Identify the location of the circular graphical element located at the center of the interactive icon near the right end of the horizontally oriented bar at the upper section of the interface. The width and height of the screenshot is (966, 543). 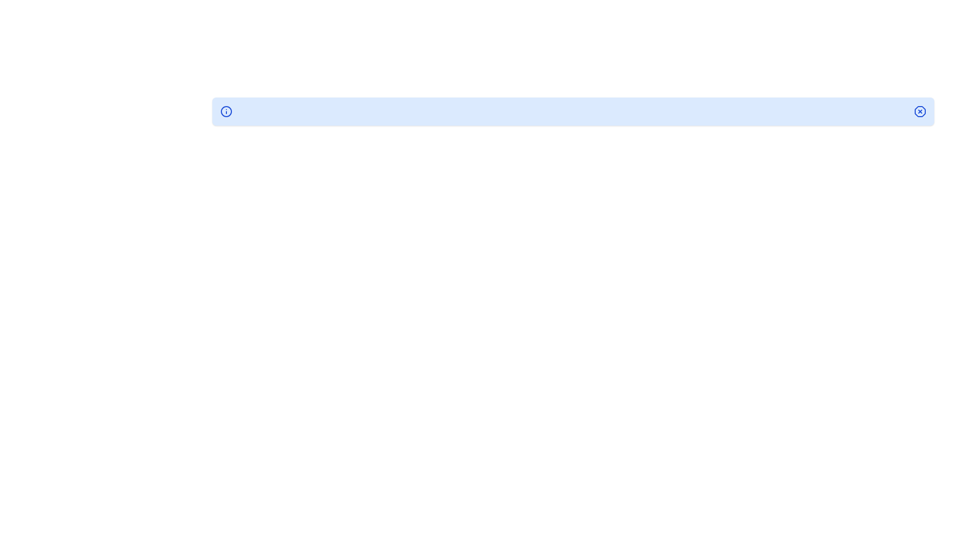
(226, 112).